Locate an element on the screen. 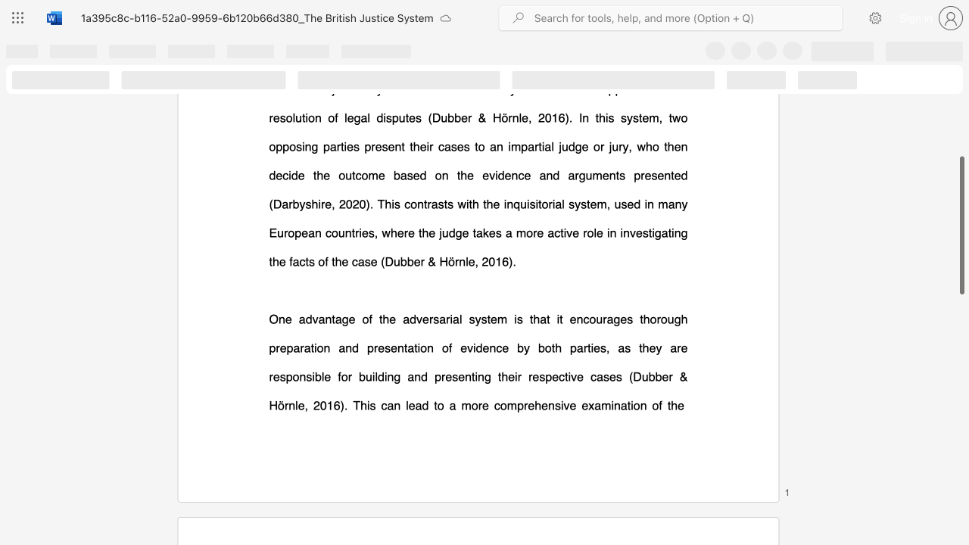  the subset text "bbe" within the text "(Dubber & Hörnle, 2016)" is located at coordinates (648, 375).